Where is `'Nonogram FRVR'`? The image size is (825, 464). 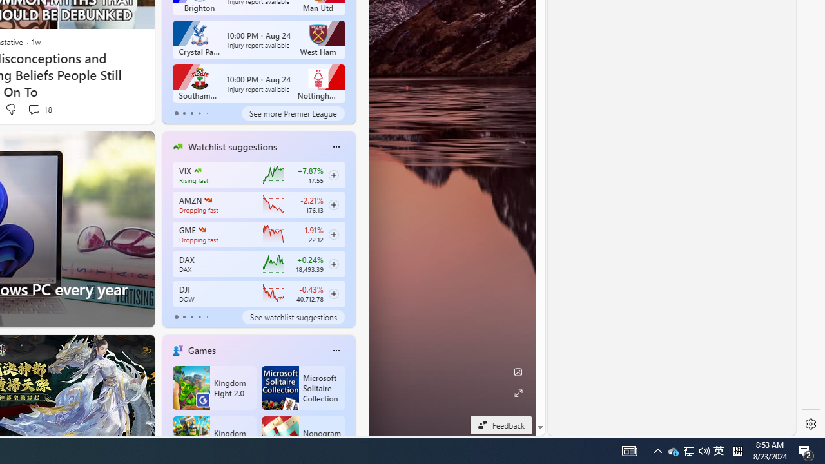 'Nonogram FRVR' is located at coordinates (302, 438).